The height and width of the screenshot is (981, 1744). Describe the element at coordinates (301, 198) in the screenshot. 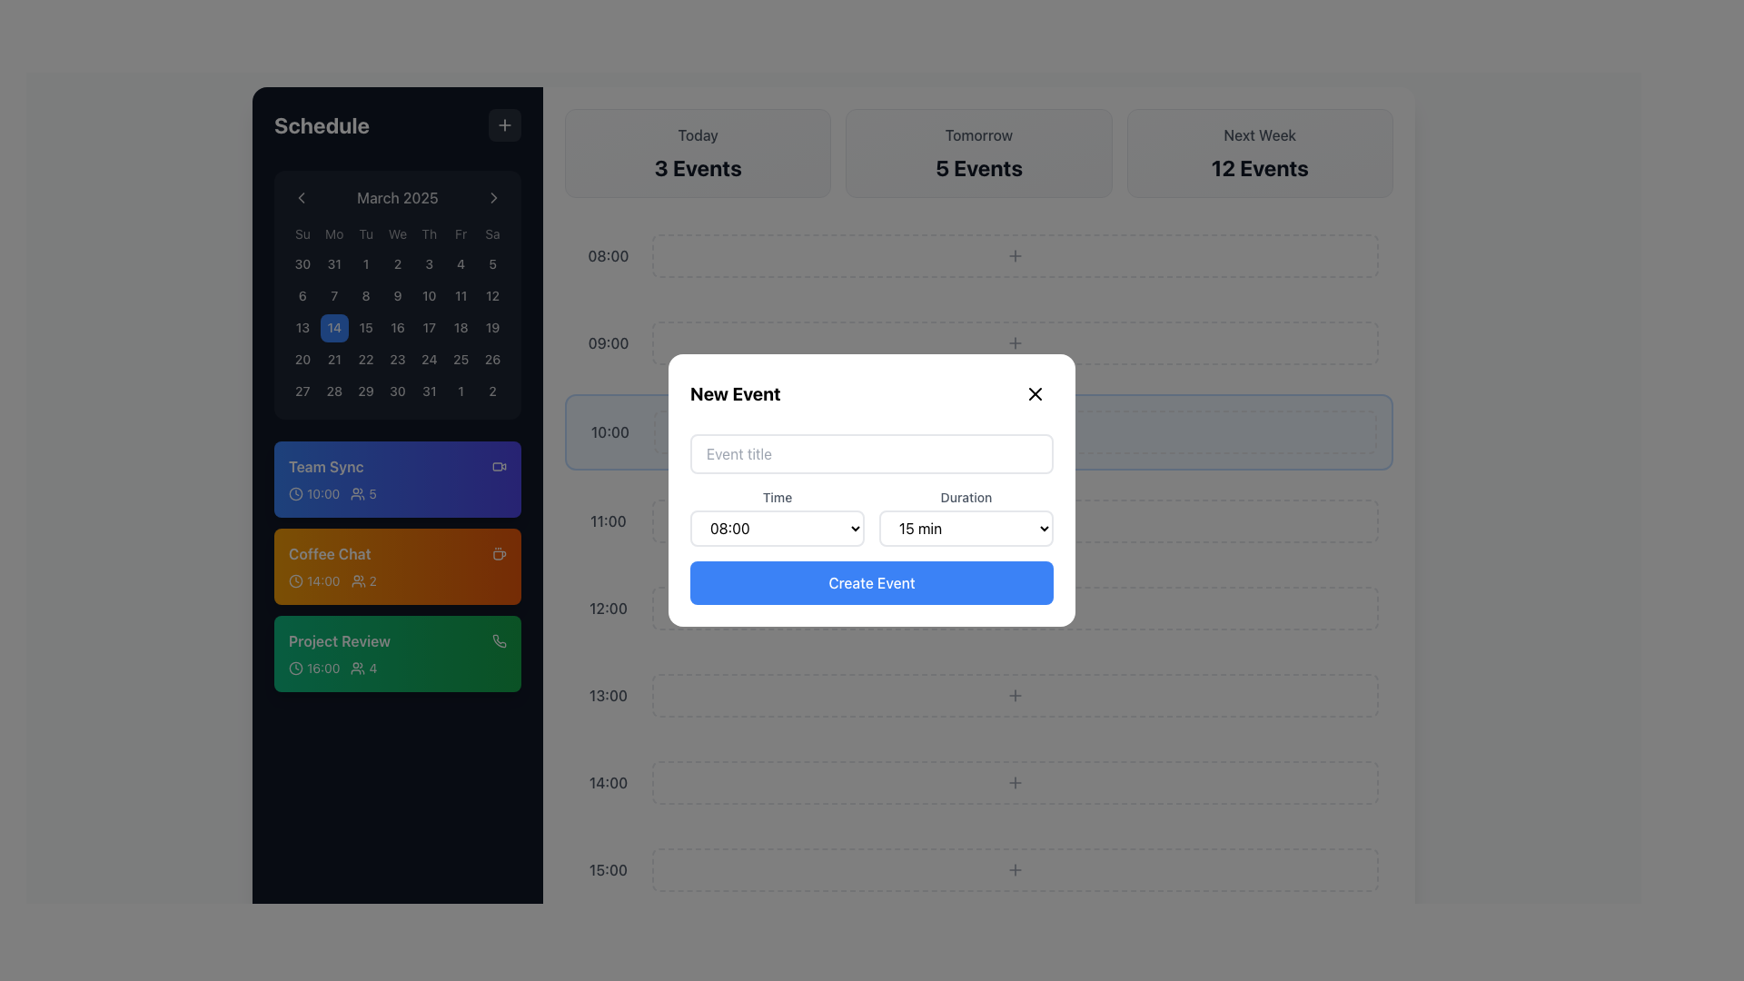

I see `the navigation button located in the top-left section of the calendar interface to move to the previous month` at that location.